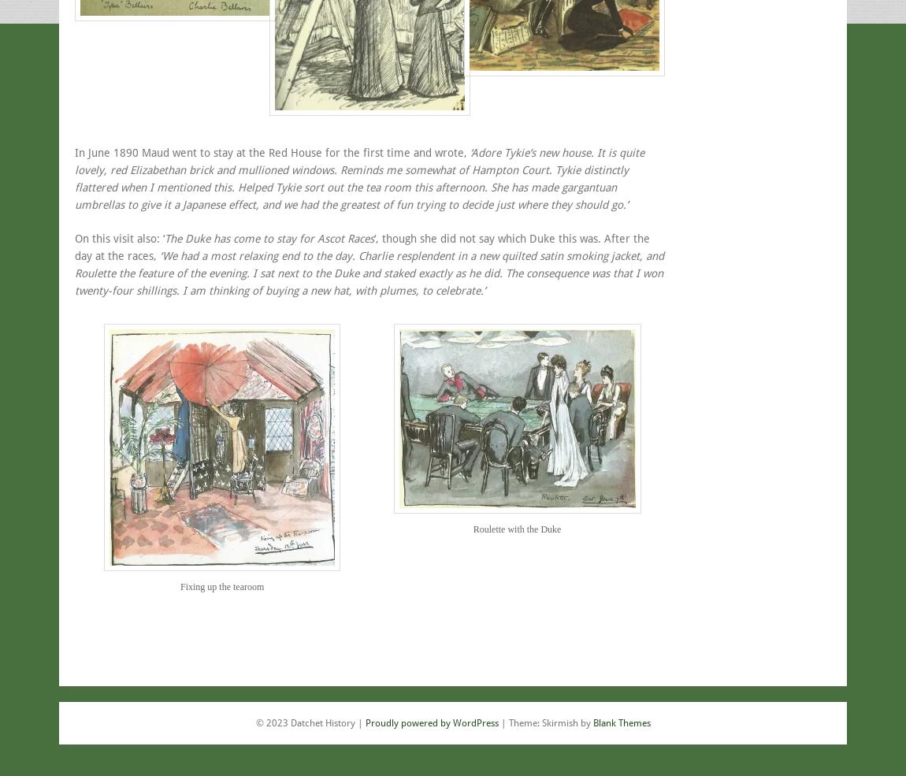 Image resolution: width=906 pixels, height=776 pixels. I want to click on 'Roulette with the Duke', so click(515, 527).